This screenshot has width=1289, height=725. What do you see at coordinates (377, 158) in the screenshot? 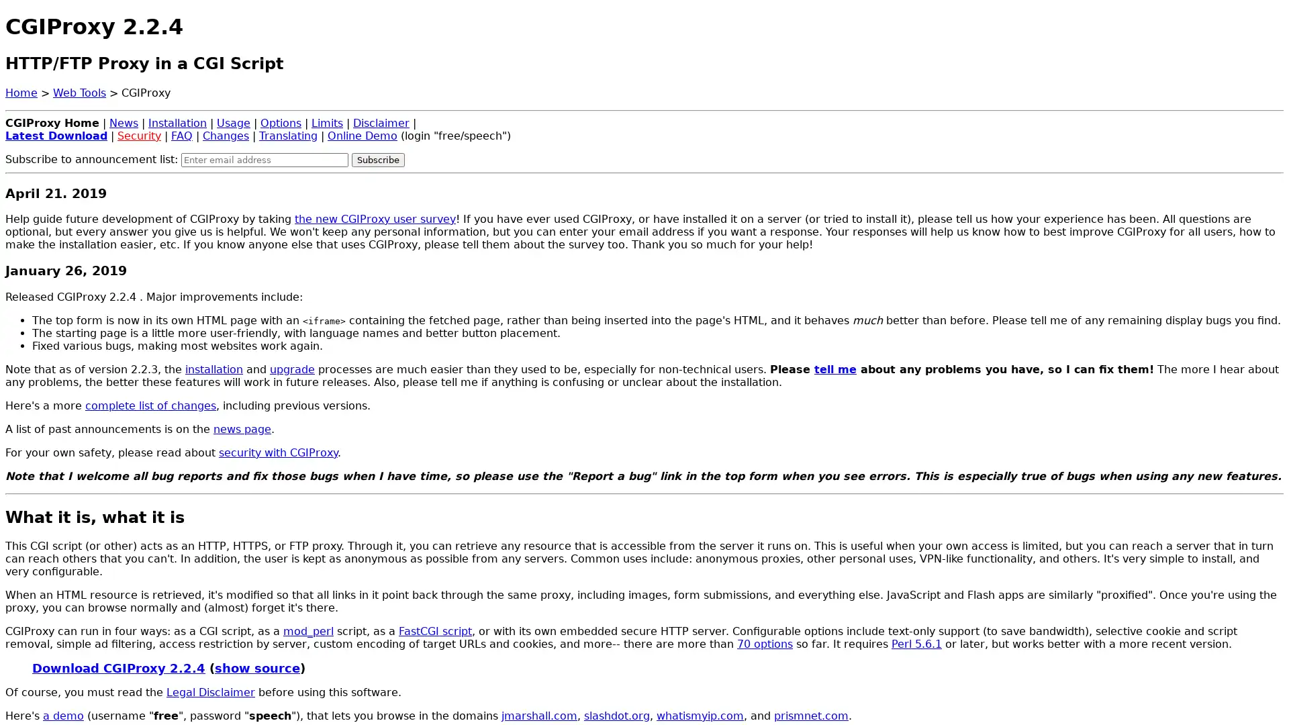
I see `Subscribe` at bounding box center [377, 158].